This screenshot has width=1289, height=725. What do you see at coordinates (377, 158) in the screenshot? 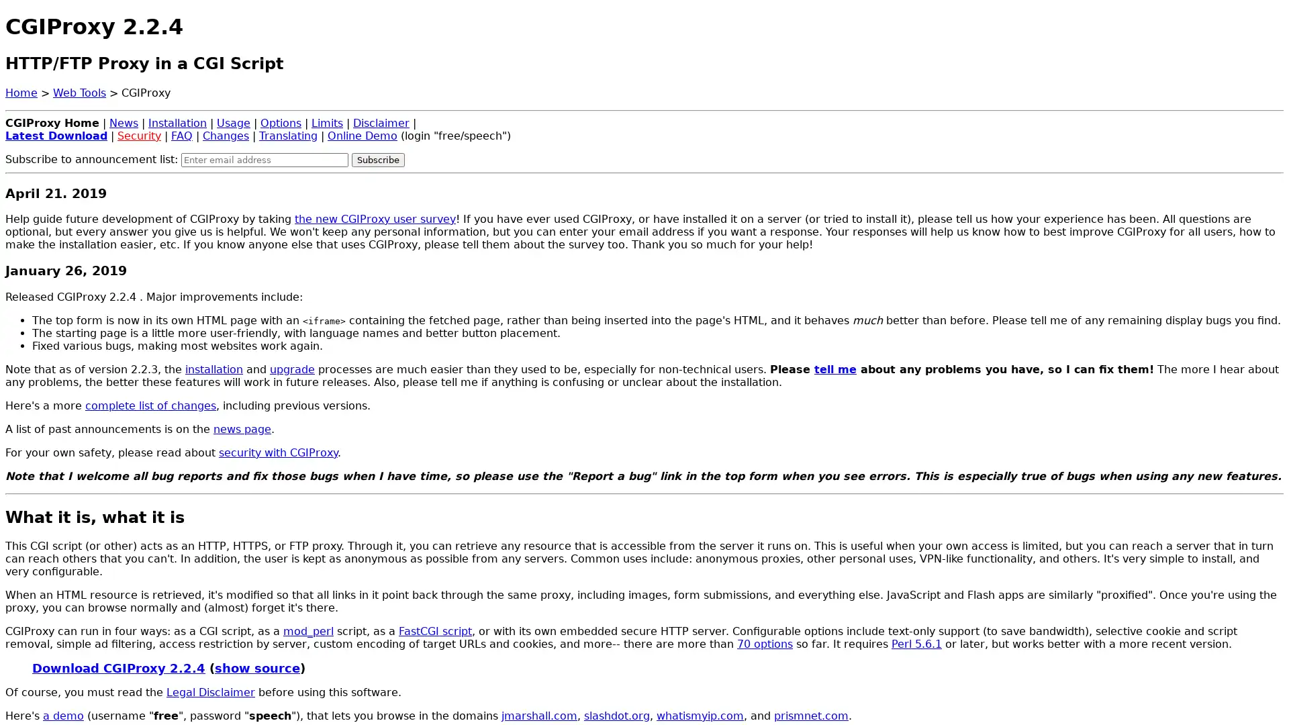
I see `Subscribe` at bounding box center [377, 158].